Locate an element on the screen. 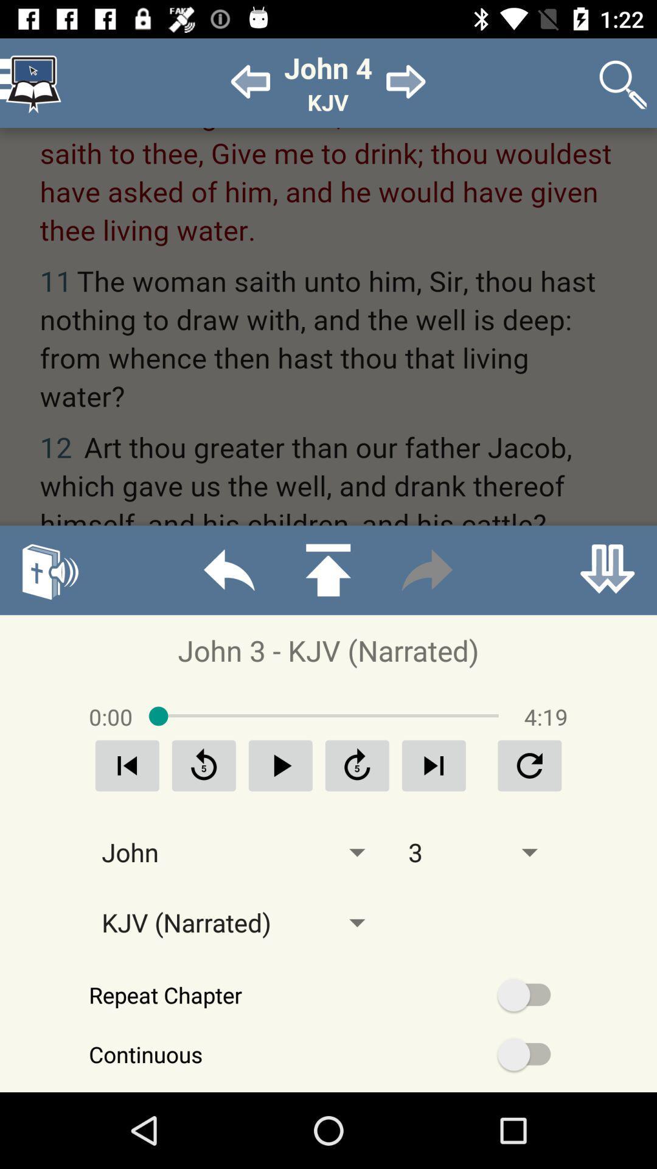 This screenshot has height=1169, width=657. upload option is located at coordinates (327, 569).